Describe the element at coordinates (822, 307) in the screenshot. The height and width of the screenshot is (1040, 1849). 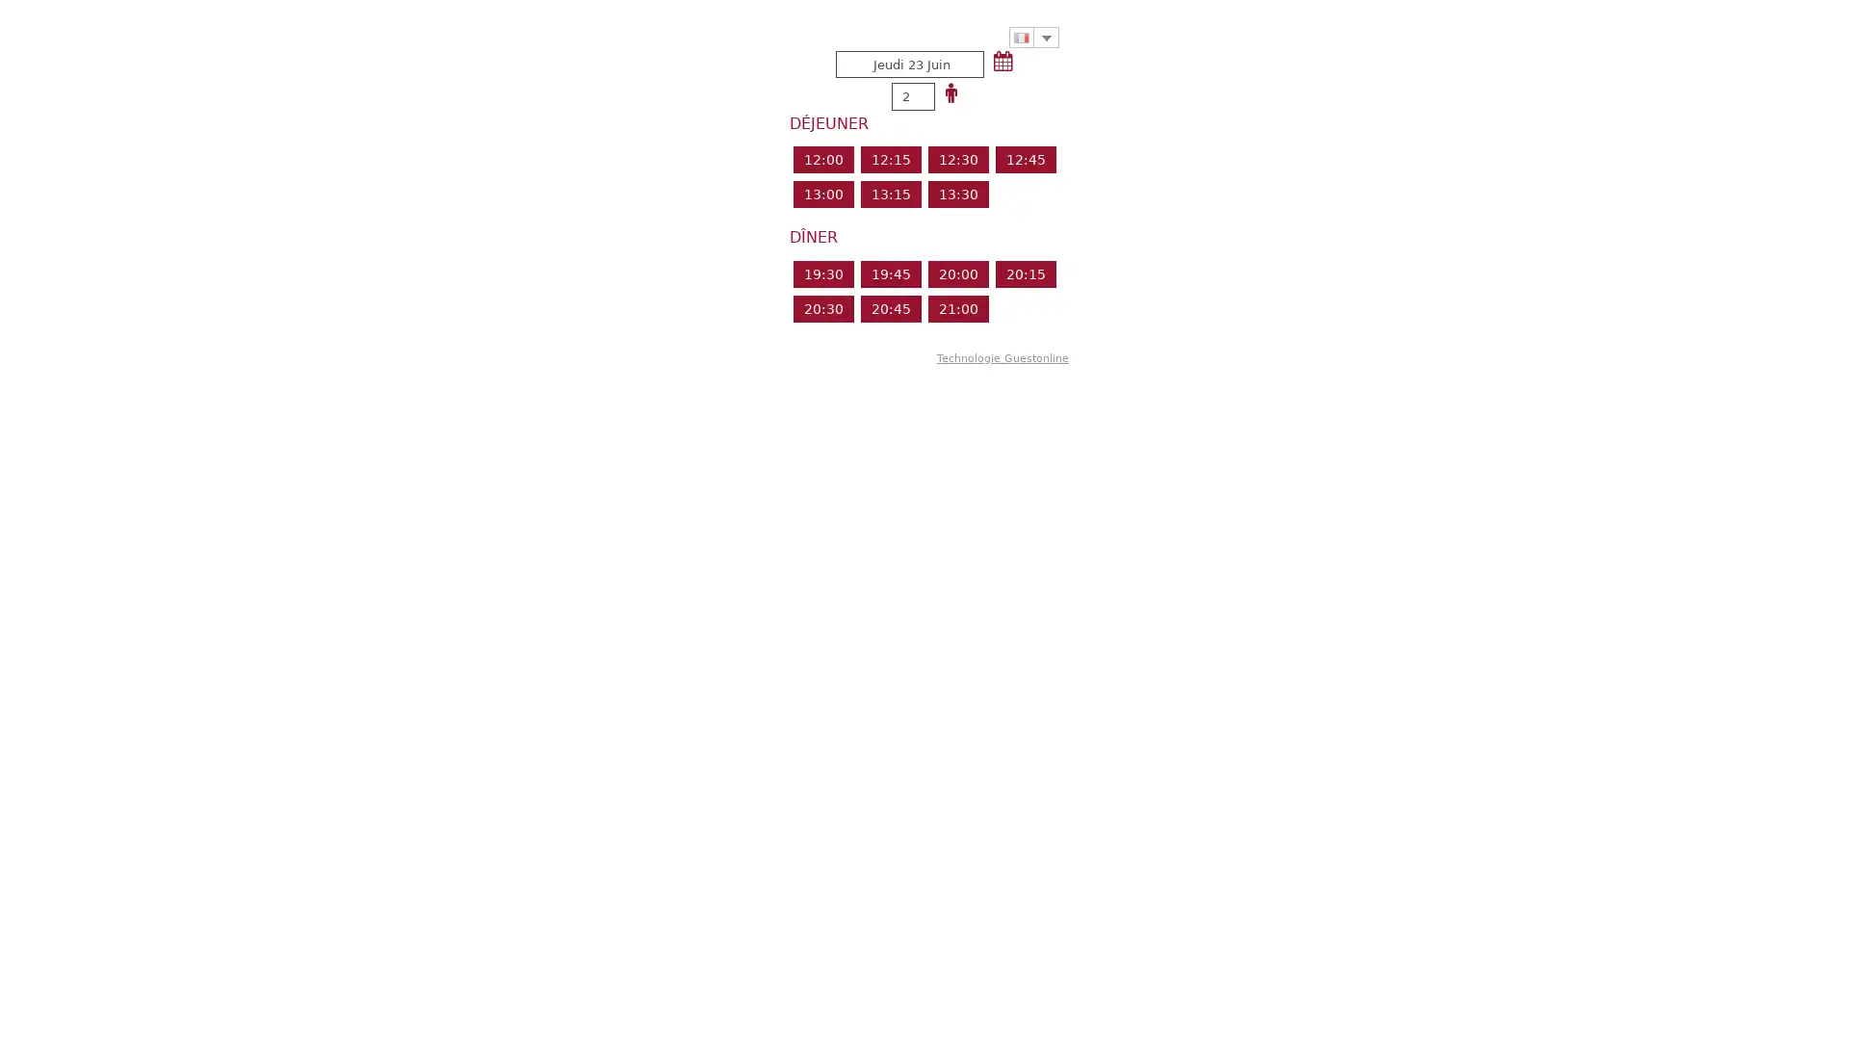
I see `20:30` at that location.